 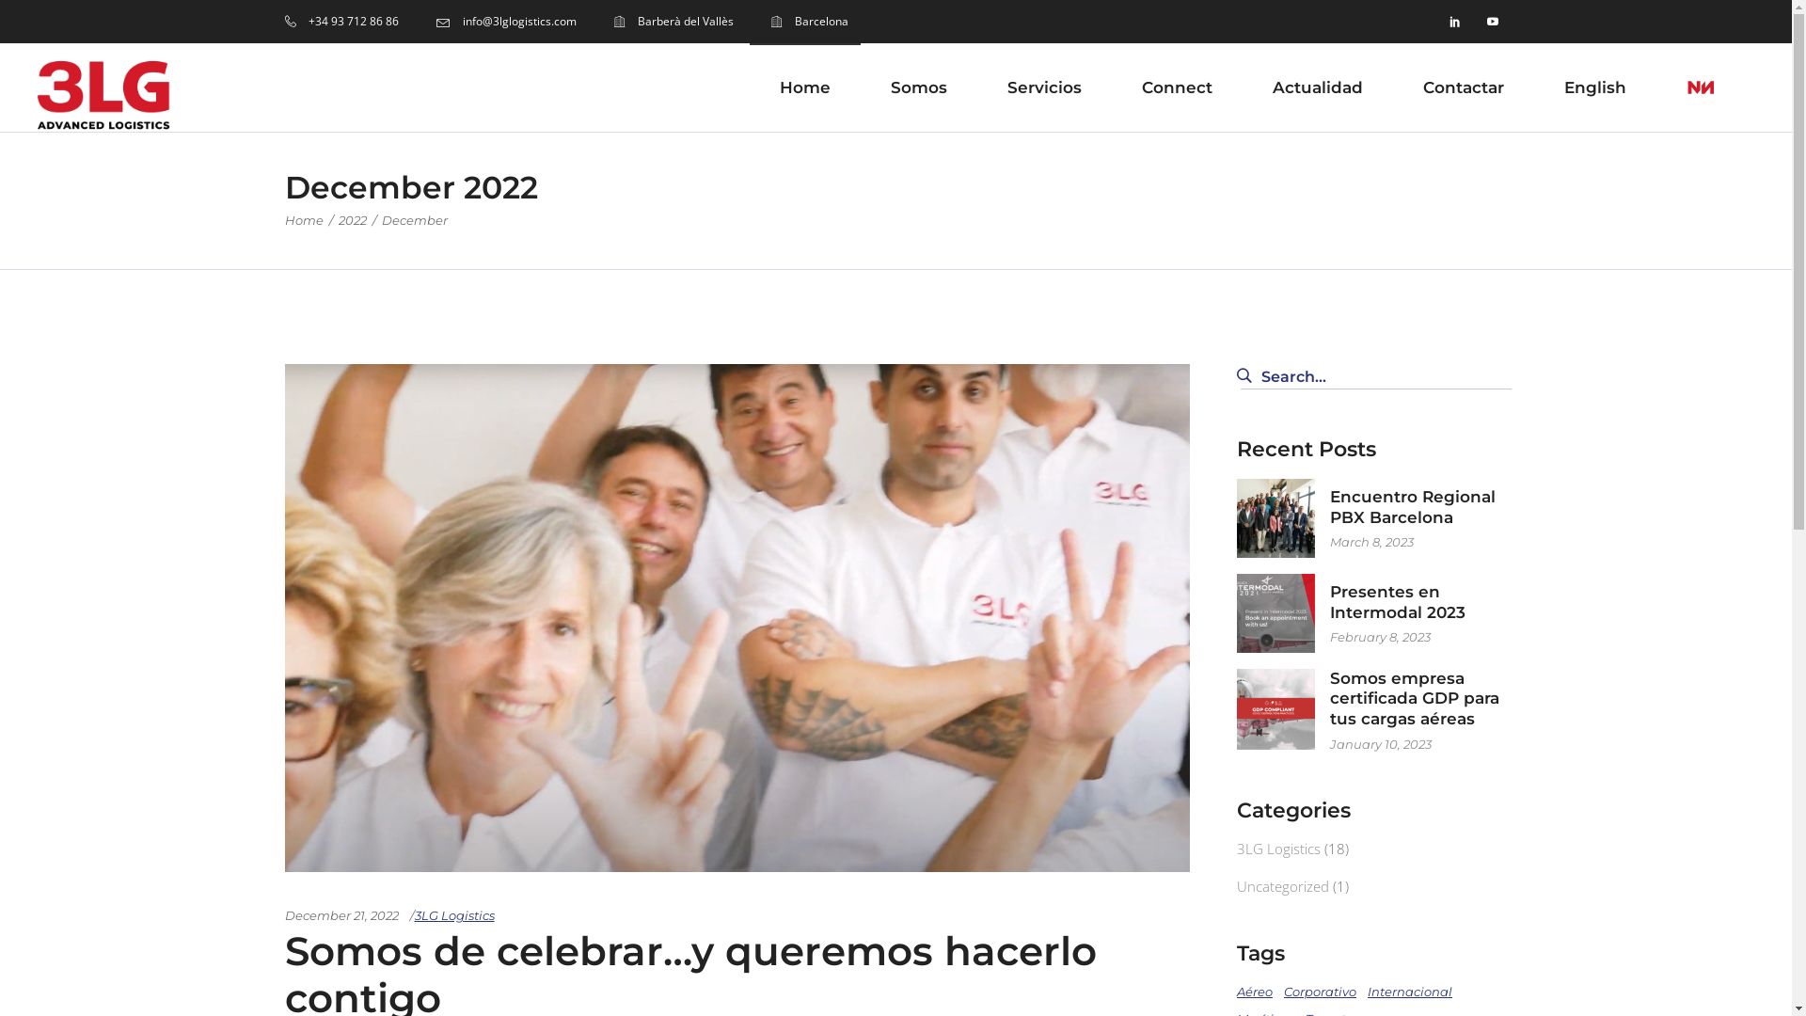 I want to click on 'info@3lglogistics.com', so click(x=506, y=22).